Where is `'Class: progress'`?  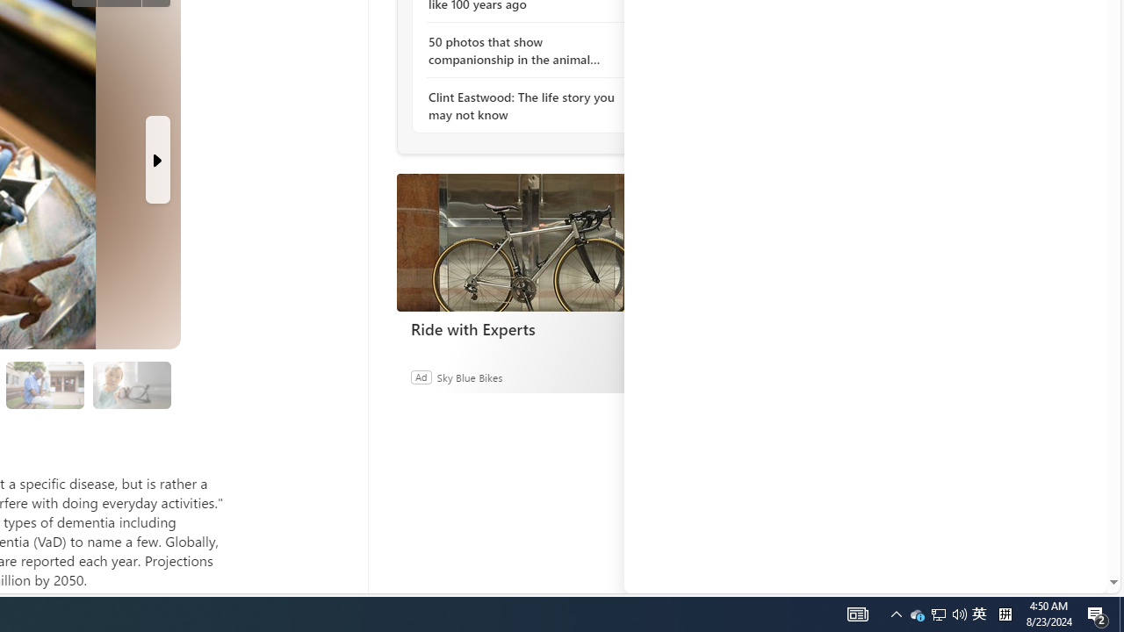 'Class: progress' is located at coordinates (131, 381).